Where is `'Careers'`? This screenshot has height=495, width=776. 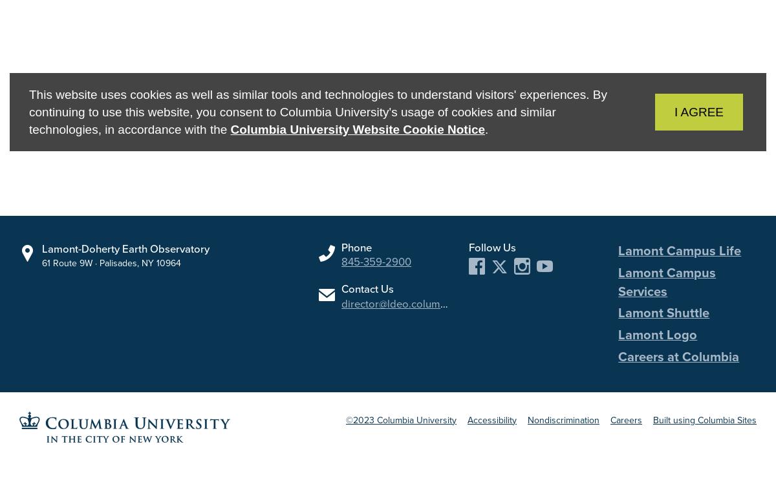
'Careers' is located at coordinates (626, 419).